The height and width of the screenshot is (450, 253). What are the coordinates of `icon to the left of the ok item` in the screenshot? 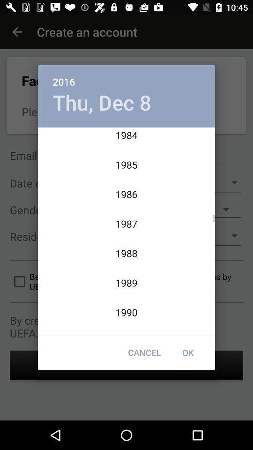 It's located at (144, 352).